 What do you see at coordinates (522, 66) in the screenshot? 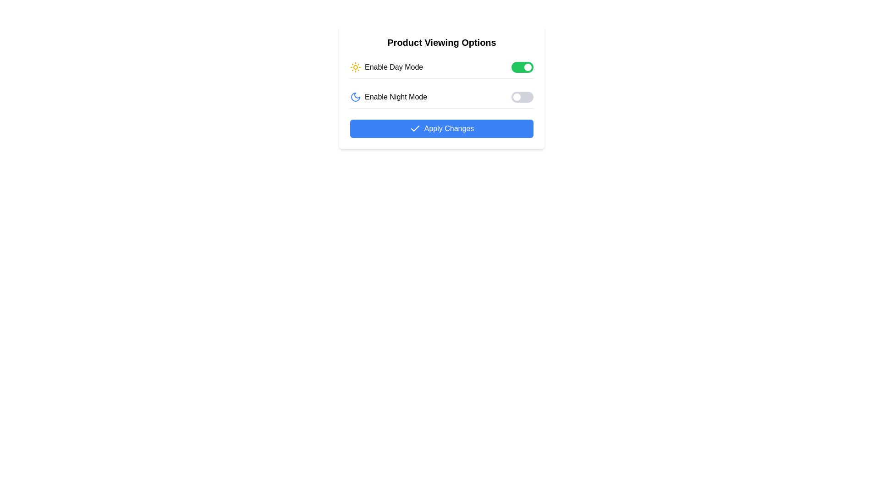
I see `the toggle switch with a green background and a white sliding circle, located to the right of the 'Enable Day Mode' label in the 'Product Viewing Options' section, to change its state` at bounding box center [522, 66].